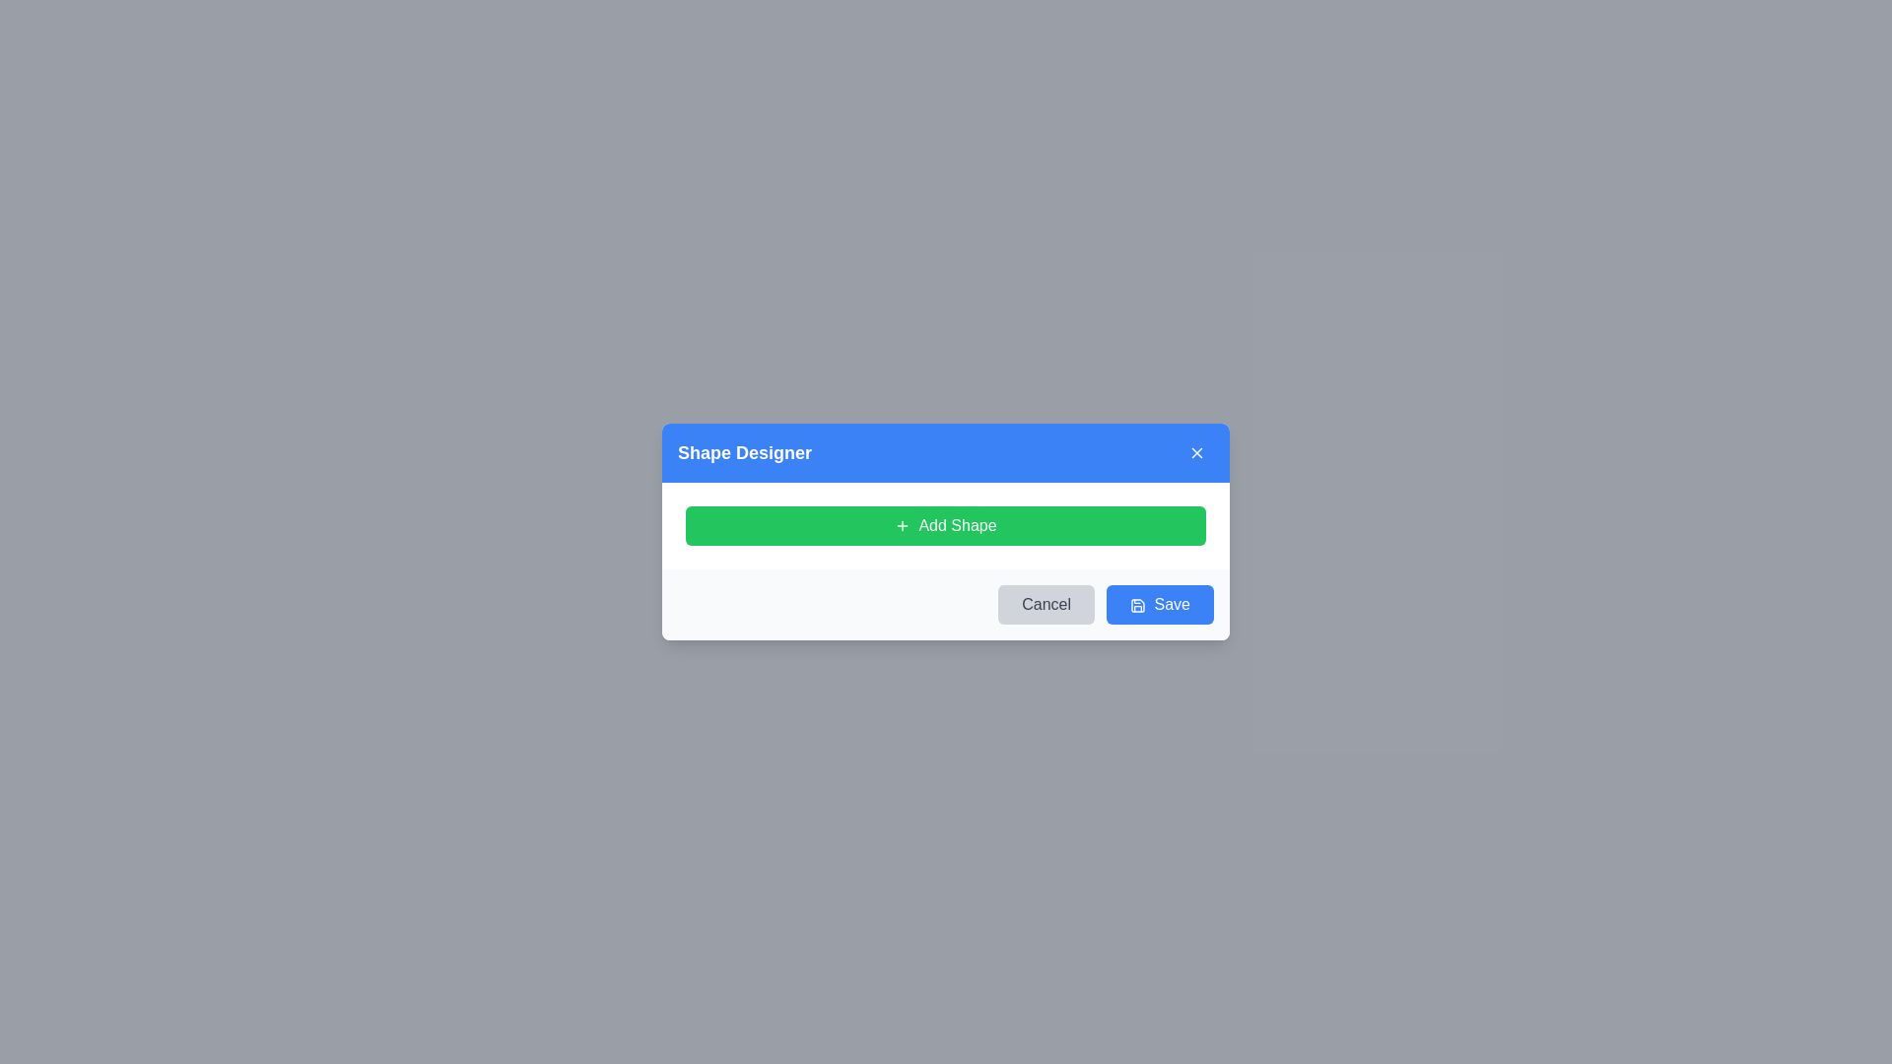  I want to click on the button, so click(946, 524).